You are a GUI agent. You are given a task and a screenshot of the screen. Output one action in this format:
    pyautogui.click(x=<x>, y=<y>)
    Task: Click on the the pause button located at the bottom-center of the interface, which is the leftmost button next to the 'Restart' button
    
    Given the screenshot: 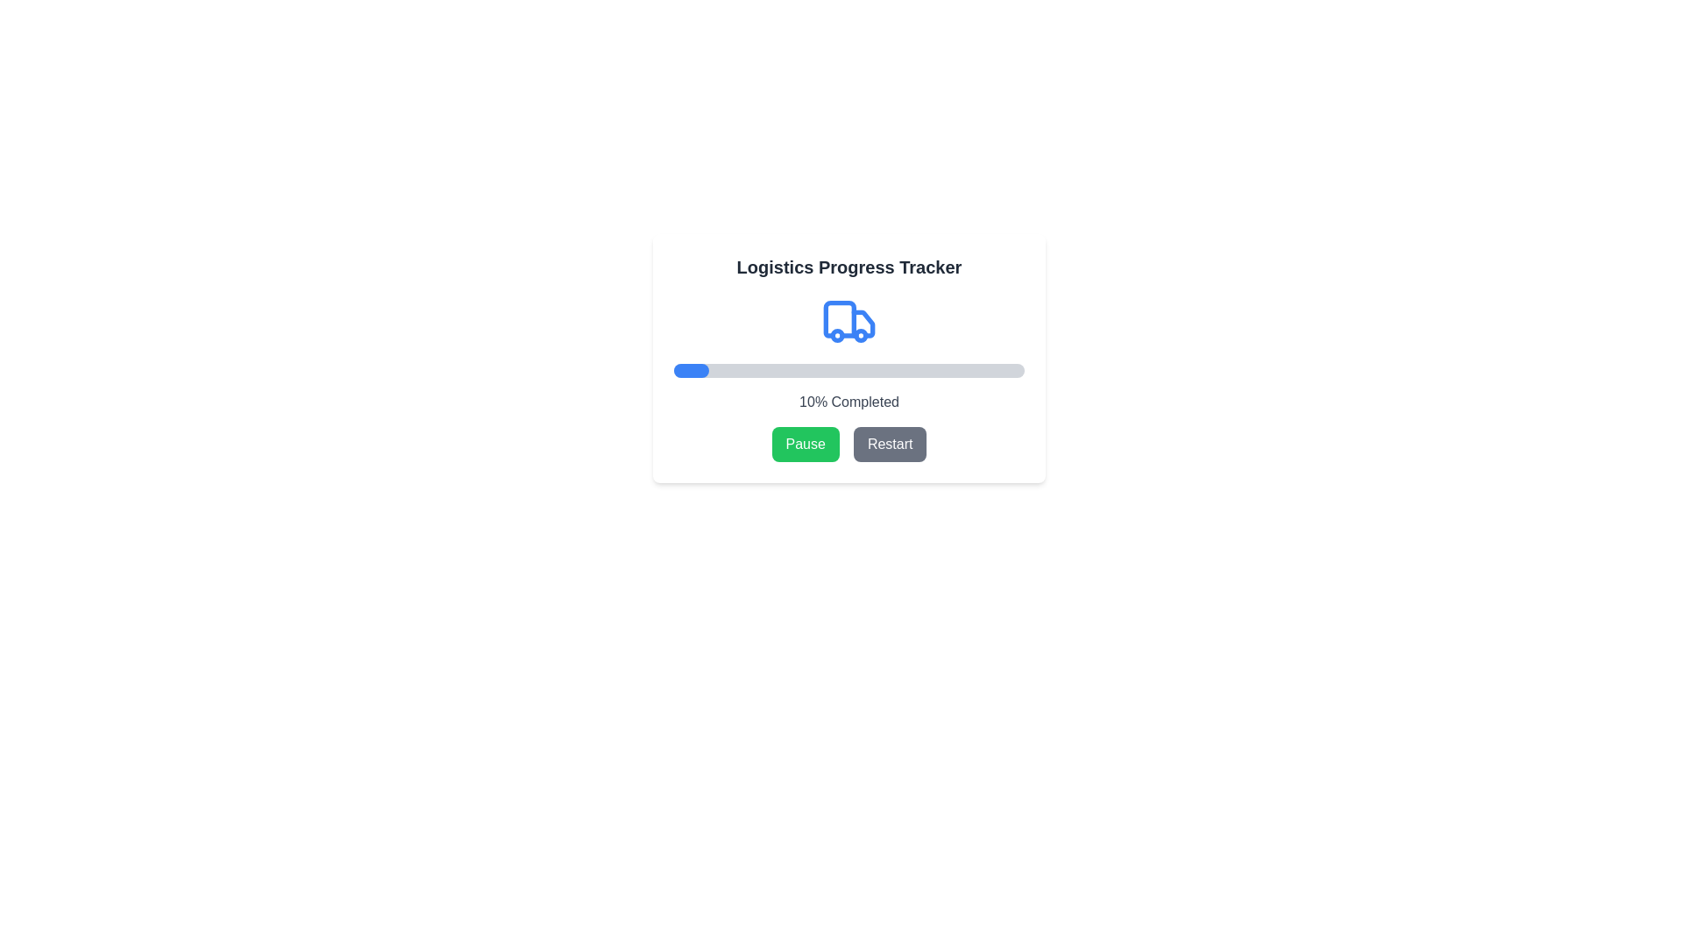 What is the action you would take?
    pyautogui.click(x=805, y=443)
    